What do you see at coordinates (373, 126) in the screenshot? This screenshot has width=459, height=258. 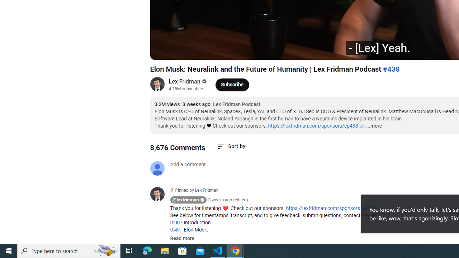 I see `'...more'` at bounding box center [373, 126].